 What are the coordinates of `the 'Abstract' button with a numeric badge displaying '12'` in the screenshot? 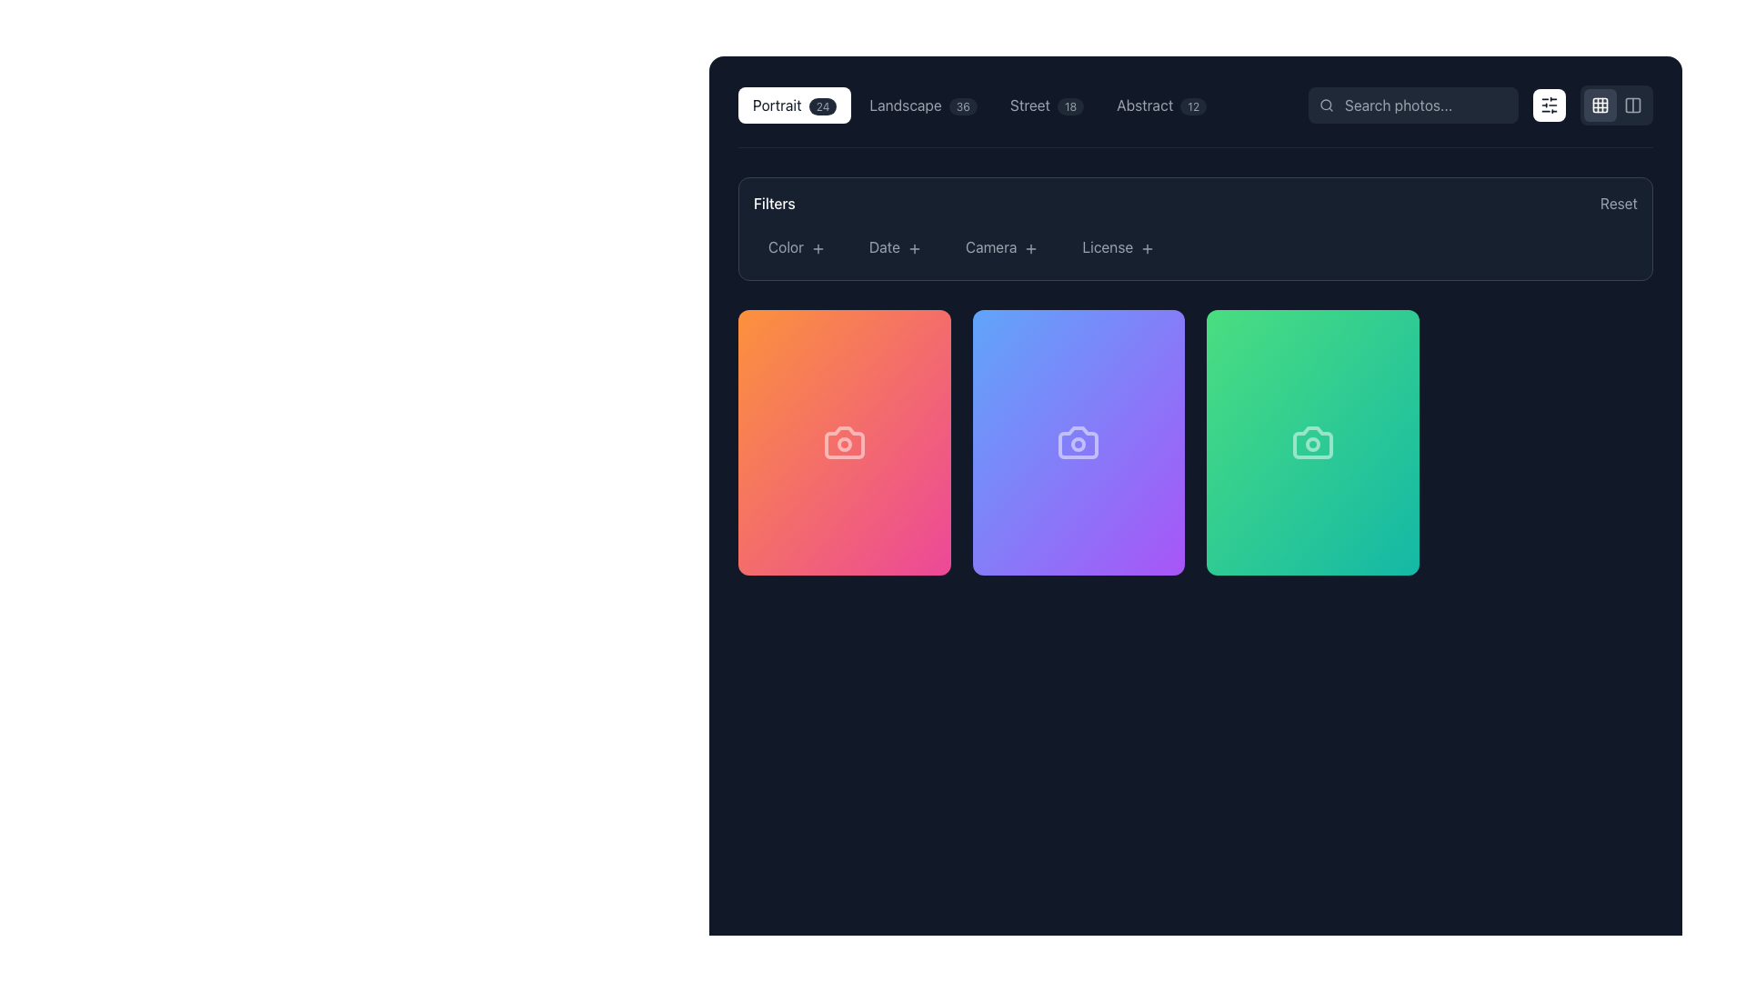 It's located at (1160, 105).